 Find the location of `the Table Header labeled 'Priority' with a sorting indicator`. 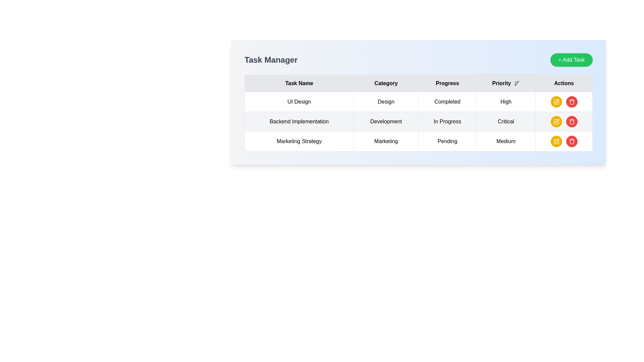

the Table Header labeled 'Priority' with a sorting indicator is located at coordinates (506, 83).